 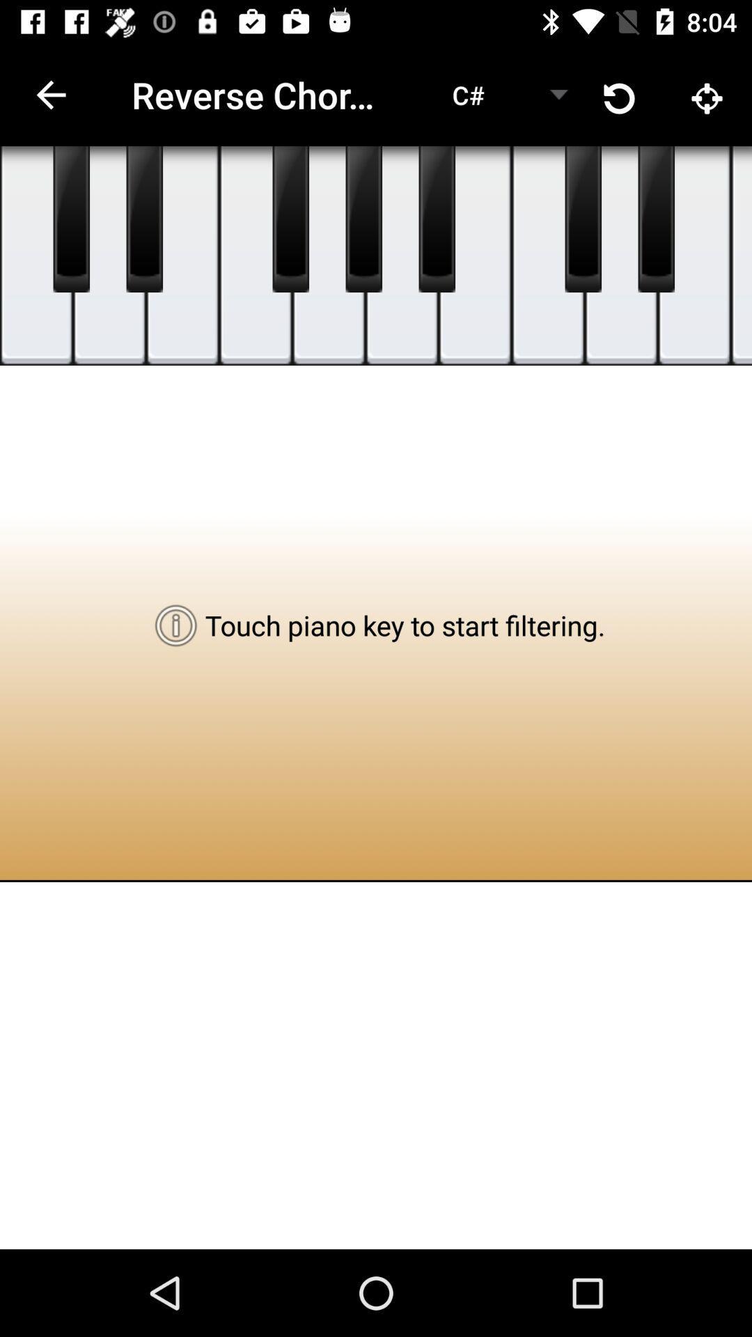 I want to click on the button which is next to the refresh, so click(x=708, y=95).